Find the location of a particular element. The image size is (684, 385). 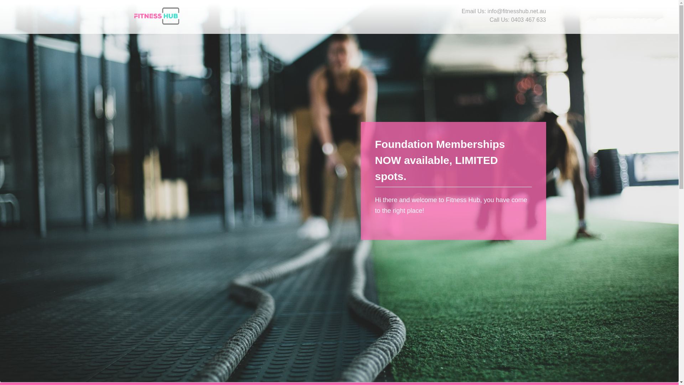

'Email Us: info@fitnesshub.net.au' is located at coordinates (503, 11).